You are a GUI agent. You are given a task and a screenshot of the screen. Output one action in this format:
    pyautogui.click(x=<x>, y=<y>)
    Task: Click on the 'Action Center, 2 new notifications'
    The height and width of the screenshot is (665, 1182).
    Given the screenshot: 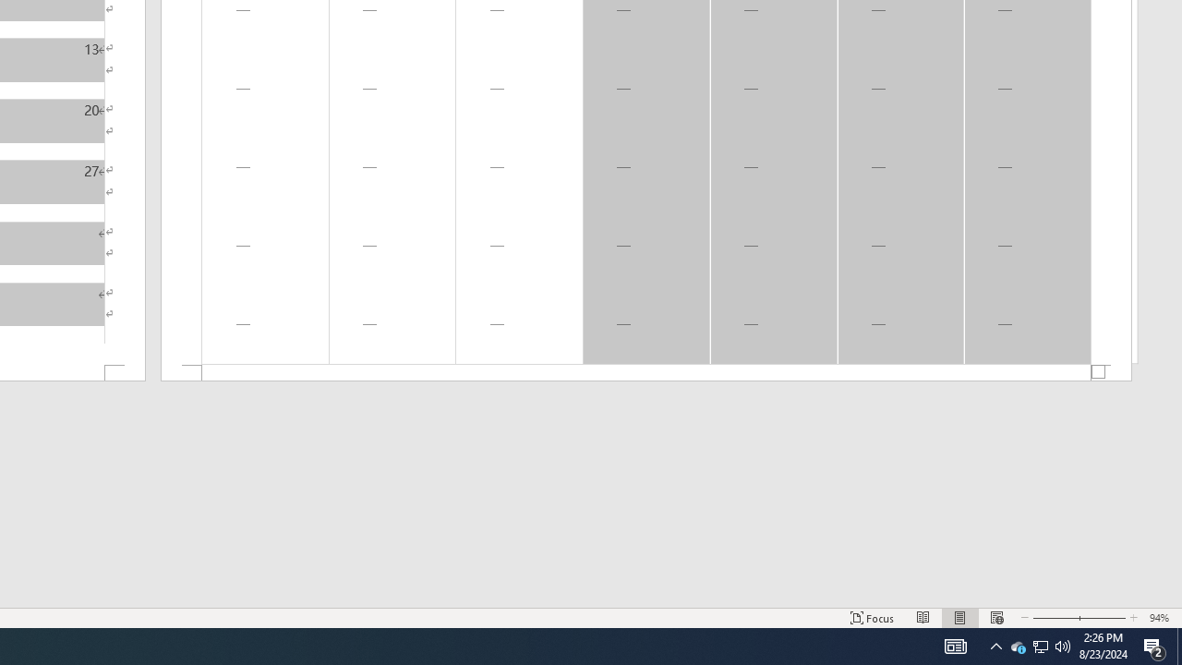 What is the action you would take?
    pyautogui.click(x=1154, y=645)
    